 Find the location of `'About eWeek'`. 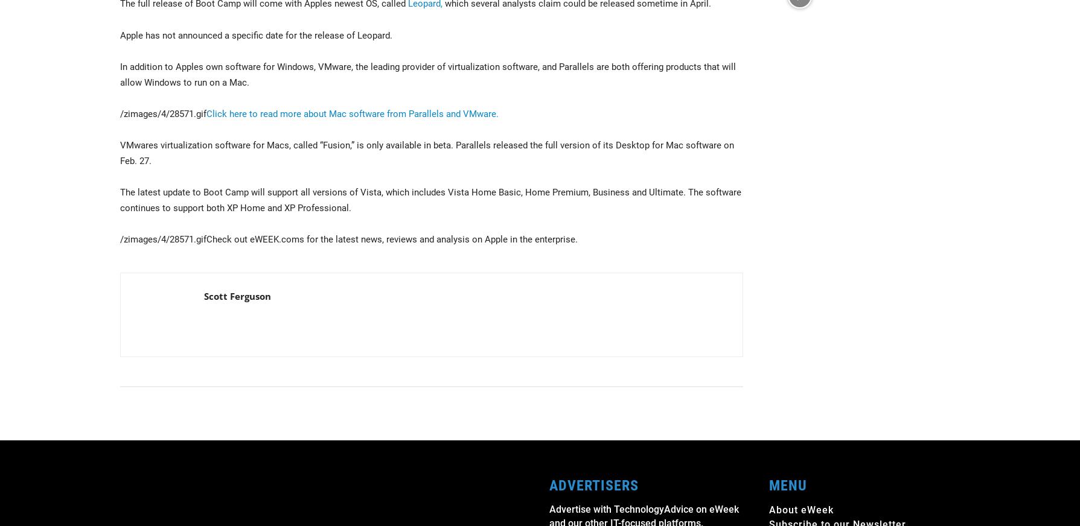

'About eWeek' is located at coordinates (801, 510).